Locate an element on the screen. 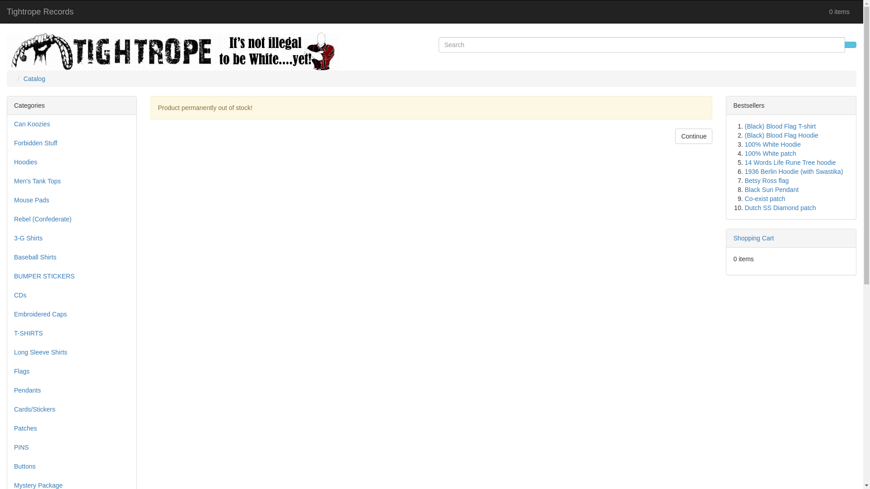  'Continue' is located at coordinates (693, 136).